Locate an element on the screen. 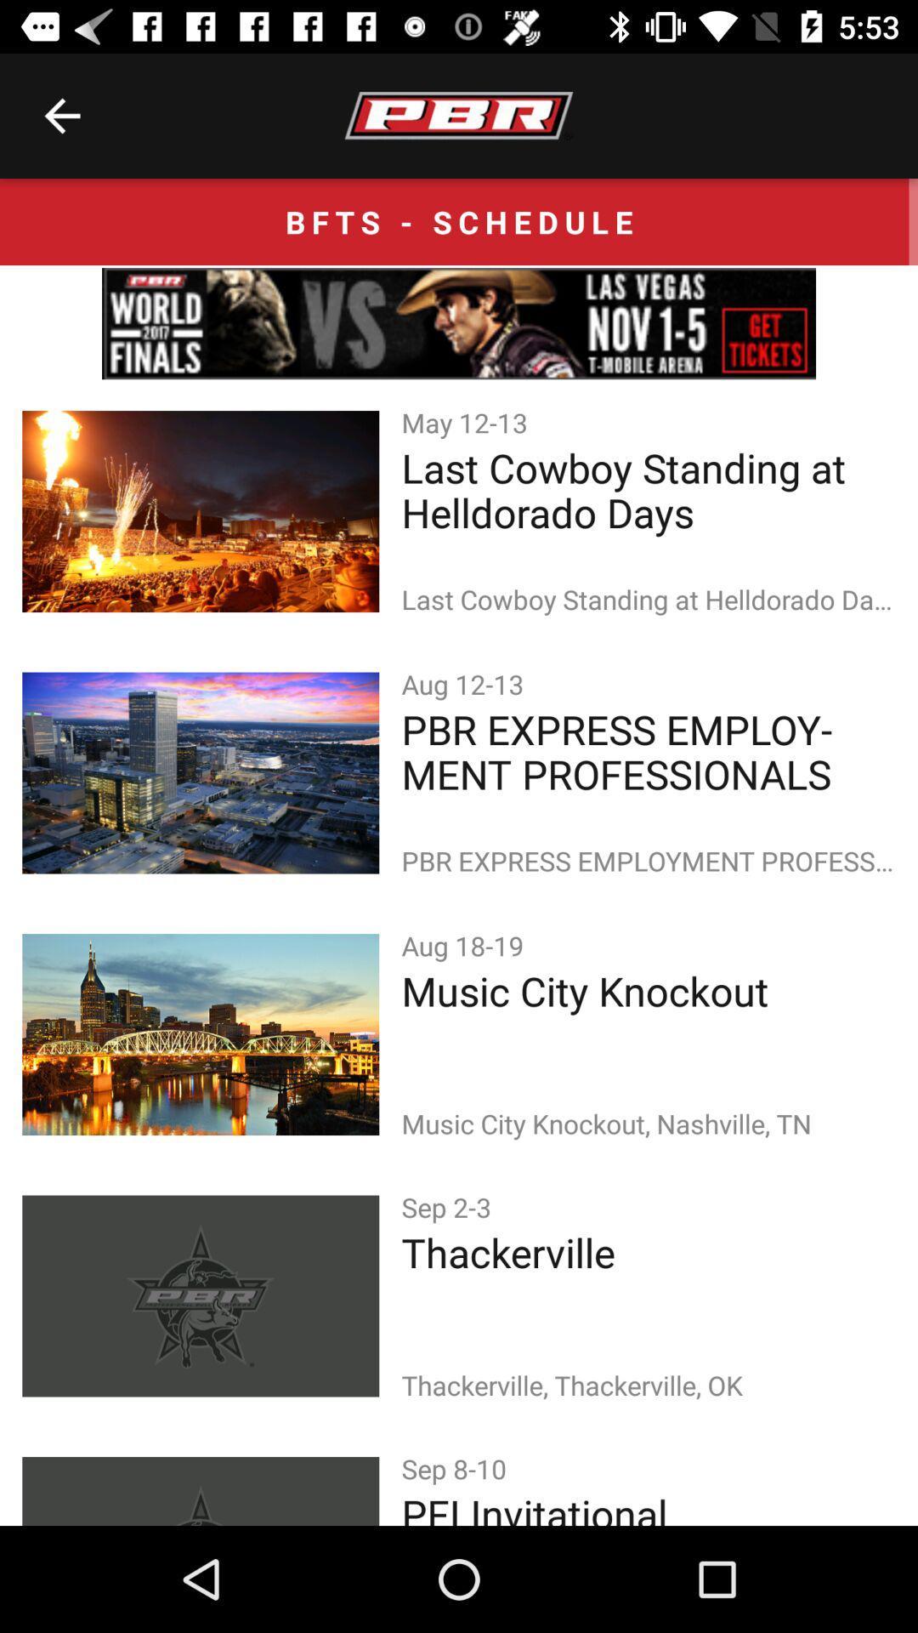 The width and height of the screenshot is (918, 1633). book tickets is located at coordinates (459, 323).